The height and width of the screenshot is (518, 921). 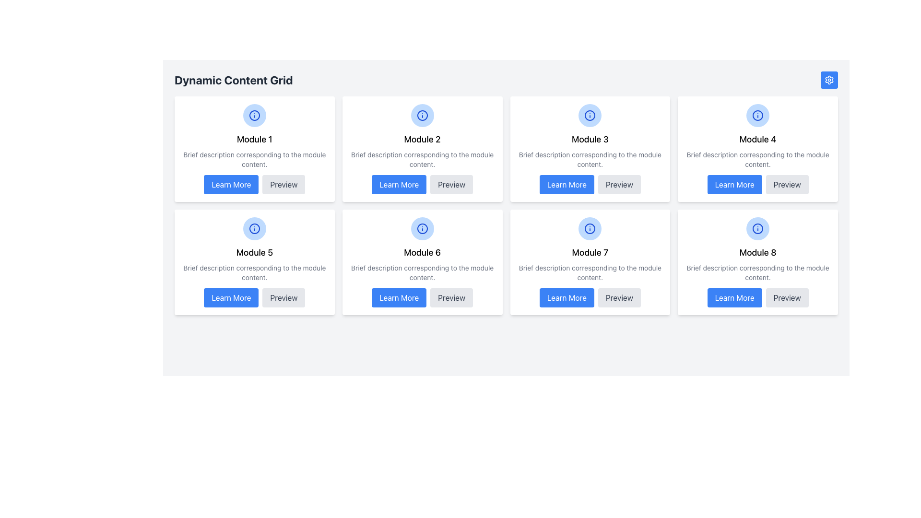 I want to click on the circular blue informational icon with a darker blue 'i' character located in the top-left module card of the grid layout (Module 1), so click(x=254, y=115).